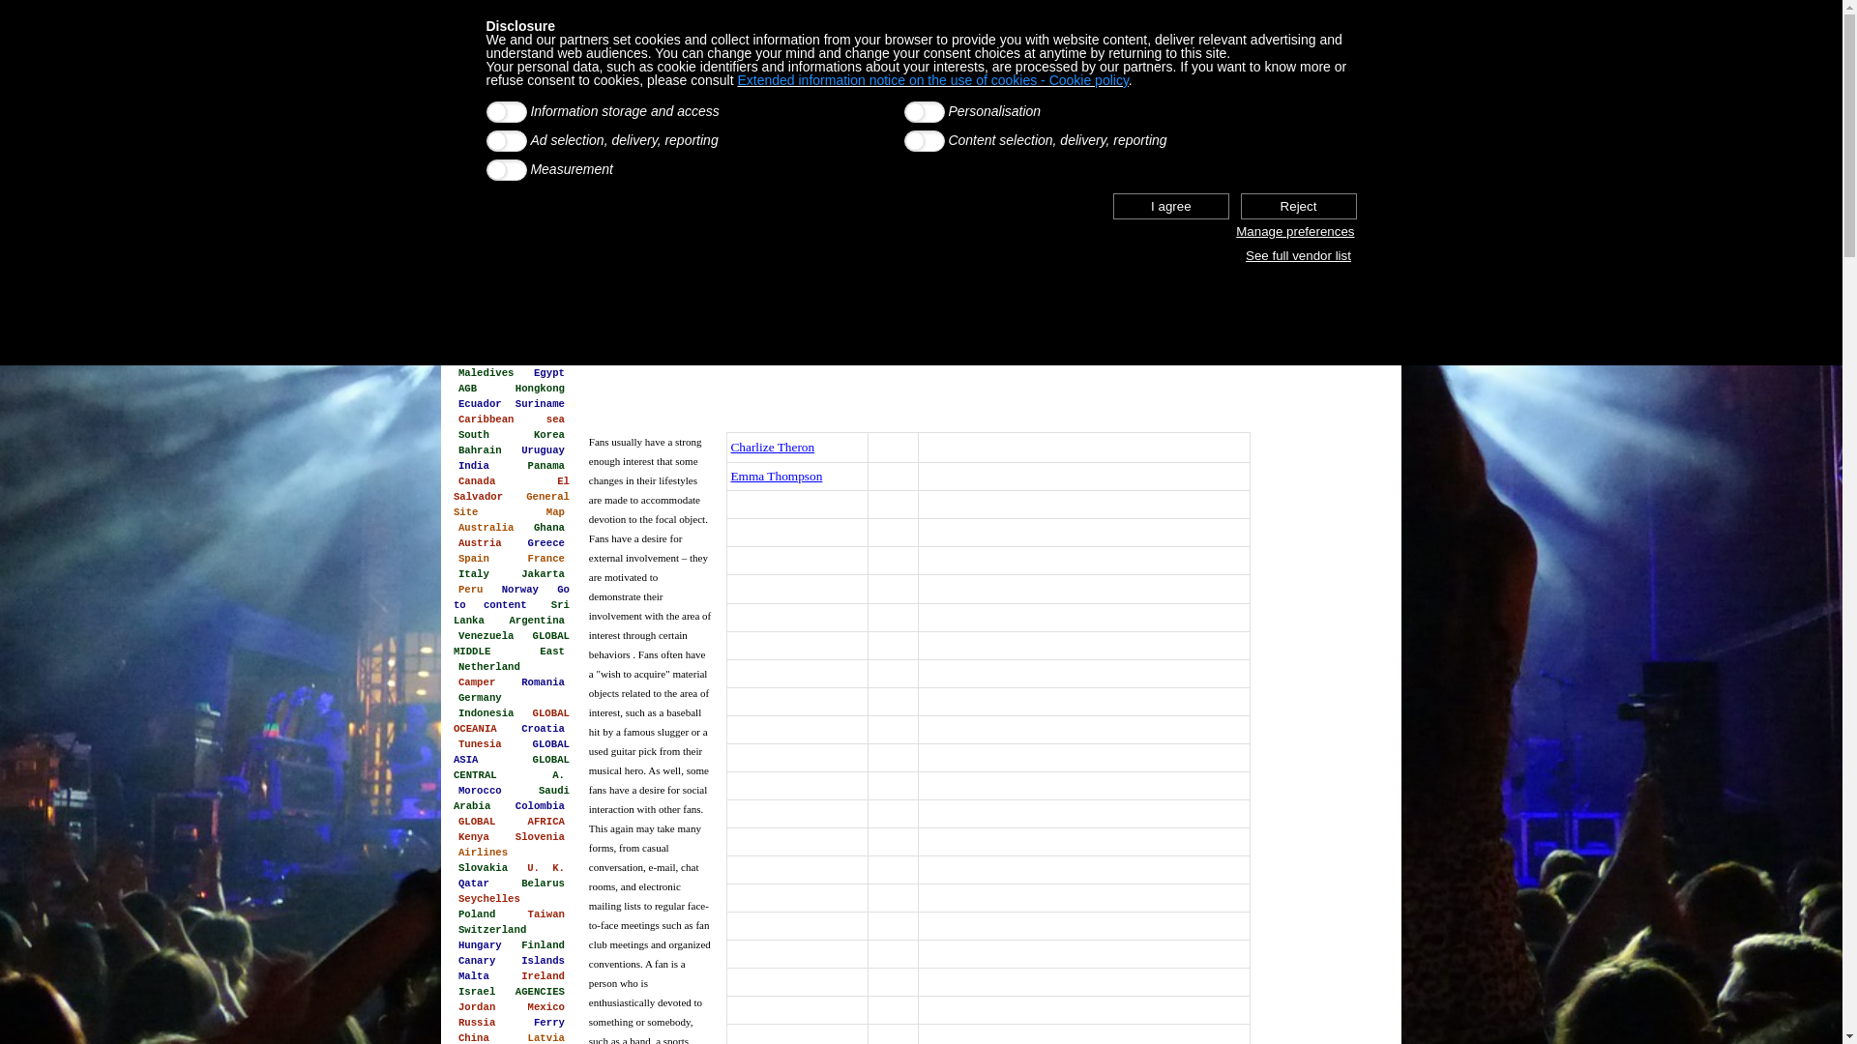 This screenshot has height=1044, width=1857. What do you see at coordinates (547, 372) in the screenshot?
I see `'Egypt'` at bounding box center [547, 372].